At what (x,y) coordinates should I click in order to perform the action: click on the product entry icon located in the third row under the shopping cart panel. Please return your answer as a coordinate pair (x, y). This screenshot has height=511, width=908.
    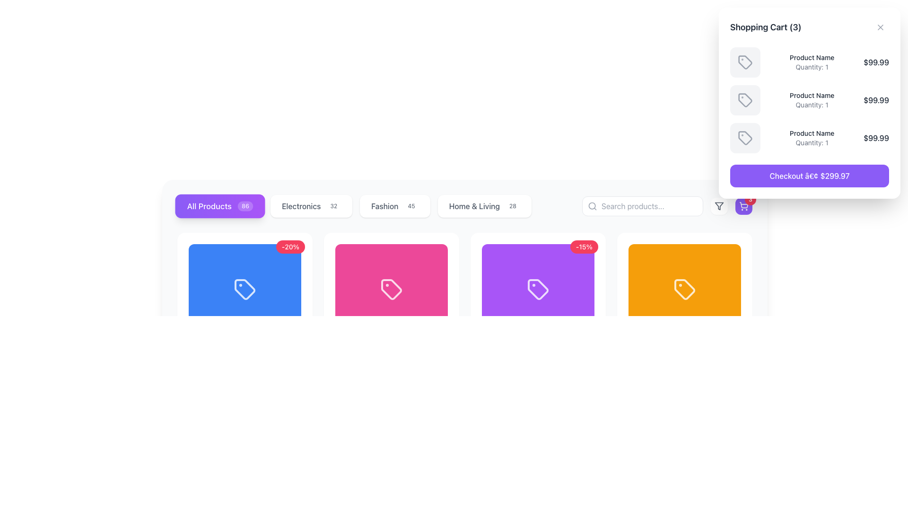
    Looking at the image, I should click on (744, 138).